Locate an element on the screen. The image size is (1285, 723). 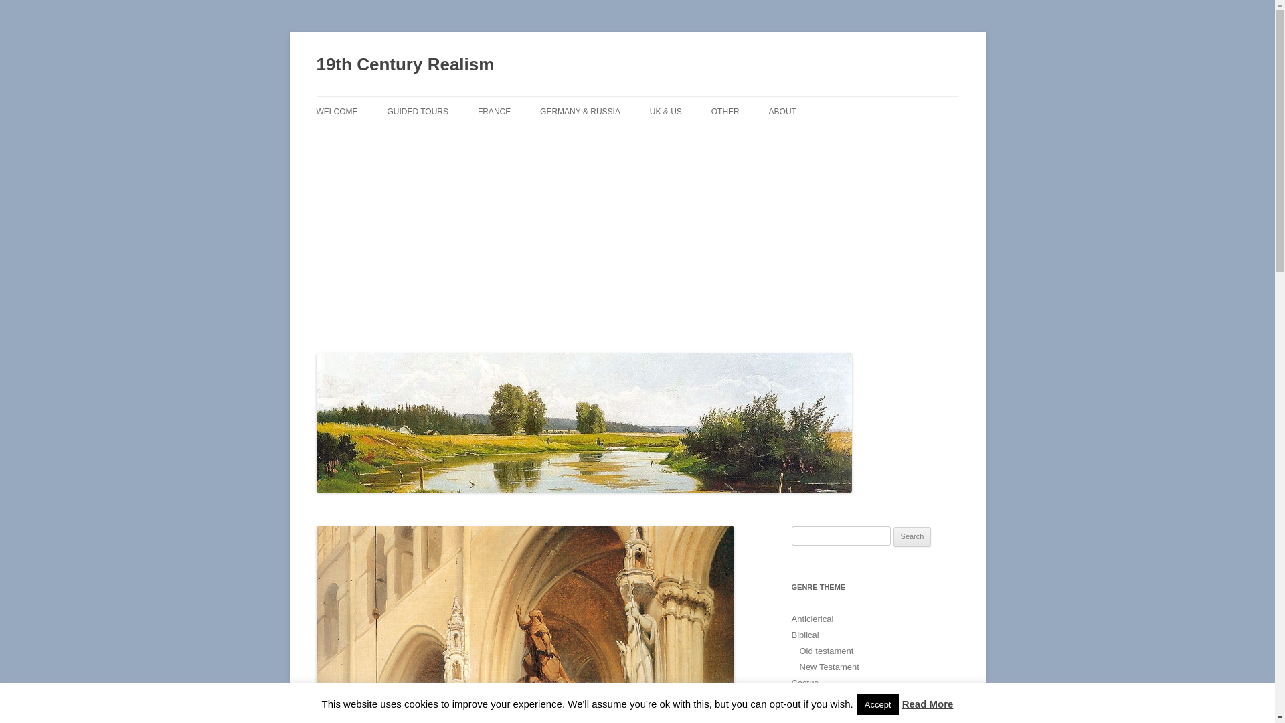
'GUIDED TOURS' is located at coordinates (417, 110).